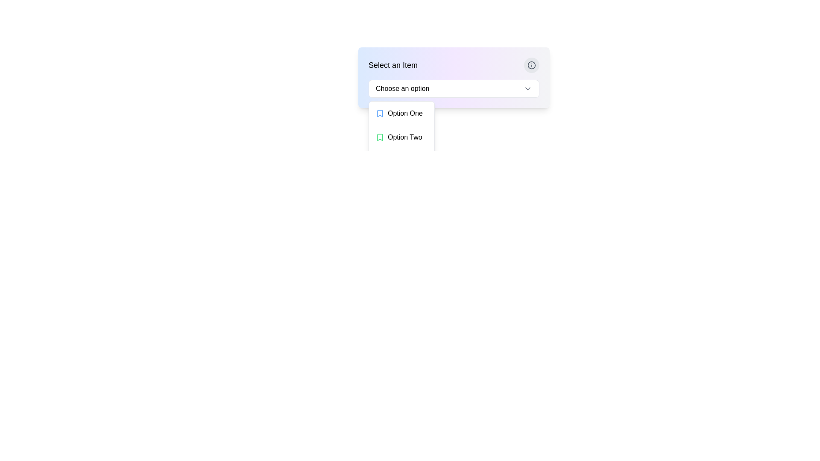 This screenshot has width=820, height=461. What do you see at coordinates (527, 89) in the screenshot?
I see `the Chevron-Down icon, which is a downward-pointing arrow located at the far-right end of the 'Choose an option' button` at bounding box center [527, 89].